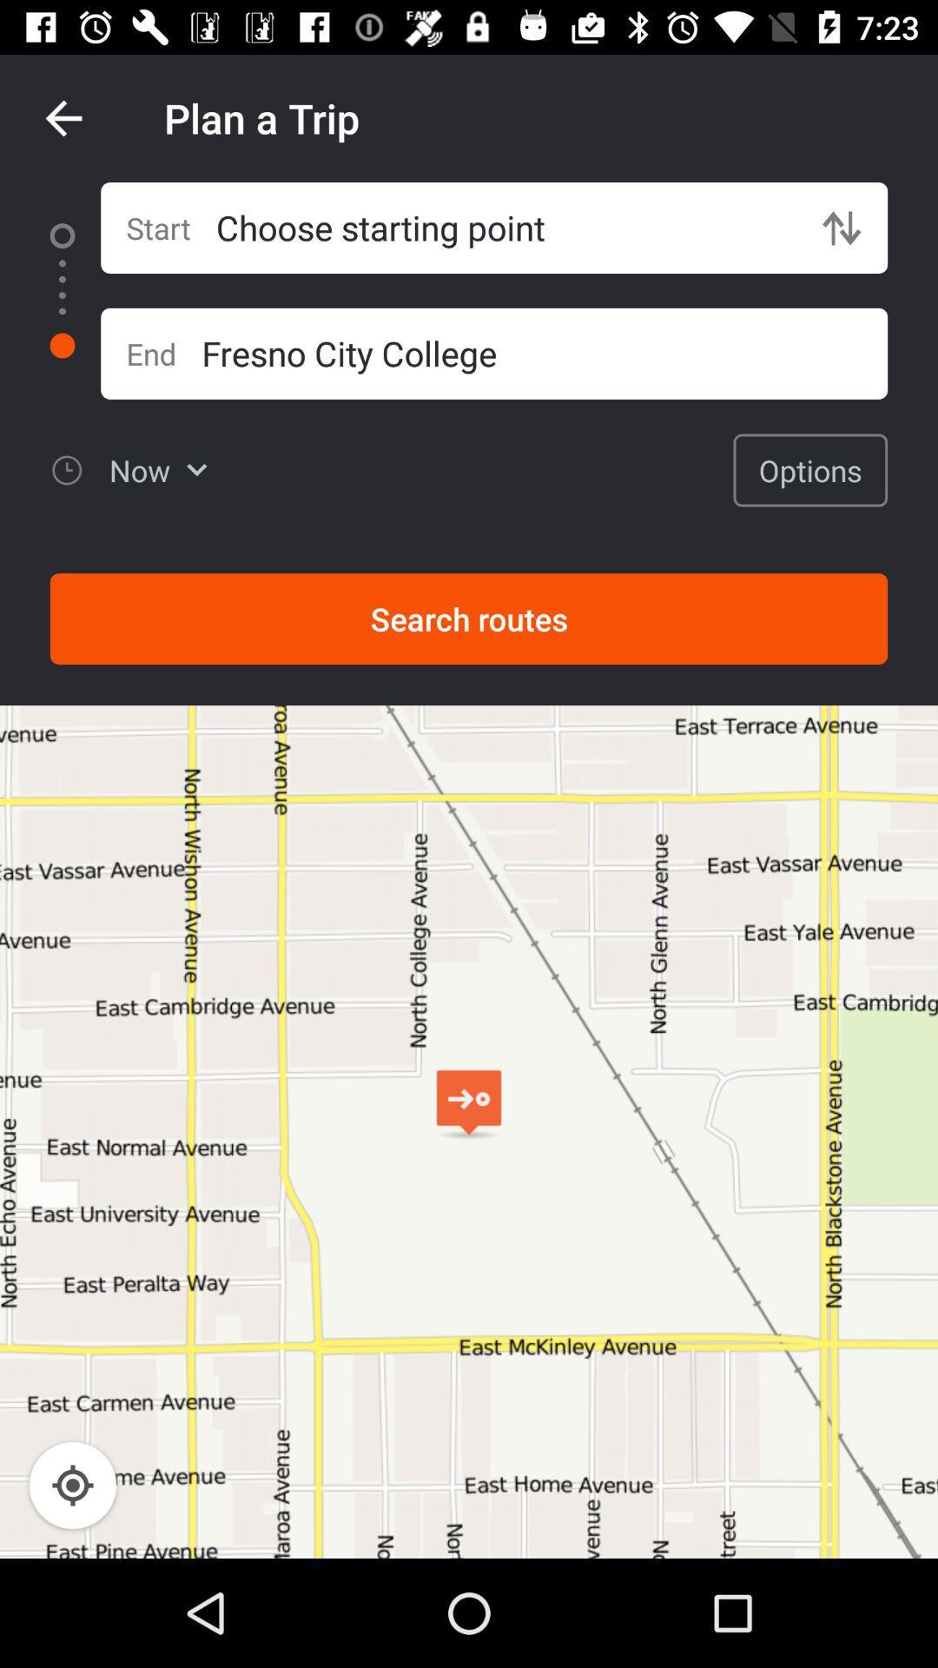 The width and height of the screenshot is (938, 1668). What do you see at coordinates (72, 1484) in the screenshot?
I see `the icon at the bottom left corner` at bounding box center [72, 1484].